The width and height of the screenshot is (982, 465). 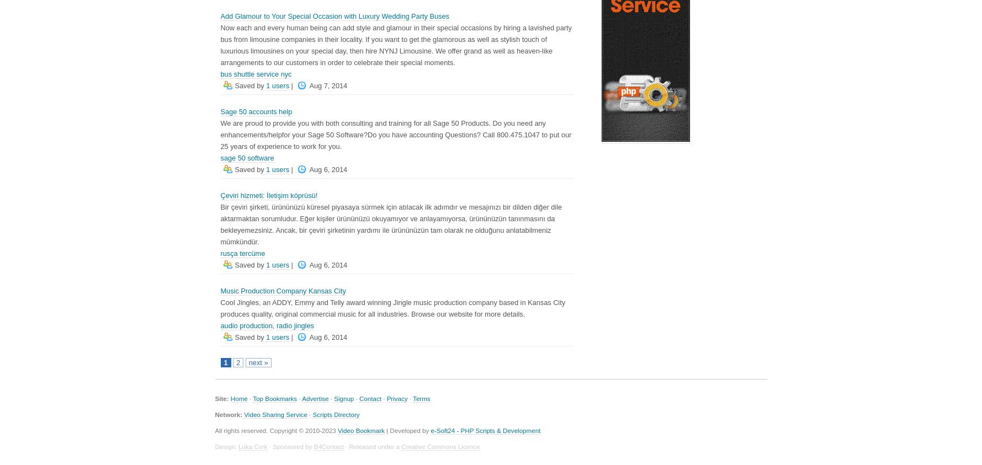 What do you see at coordinates (401, 446) in the screenshot?
I see `'Creative Commons Licence'` at bounding box center [401, 446].